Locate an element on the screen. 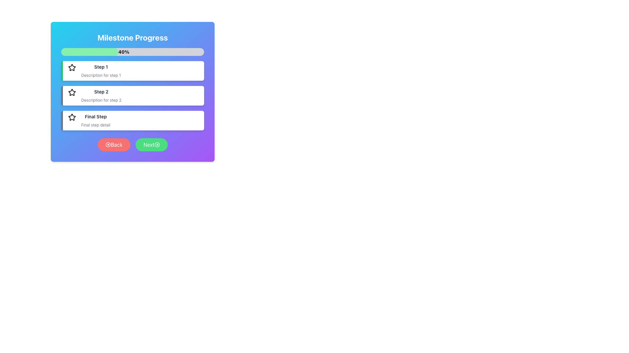  the hollow star-shaped icon with thin, rounded outlines, located in the second card labeled 'Step 2' on the left side of the application is located at coordinates (72, 92).